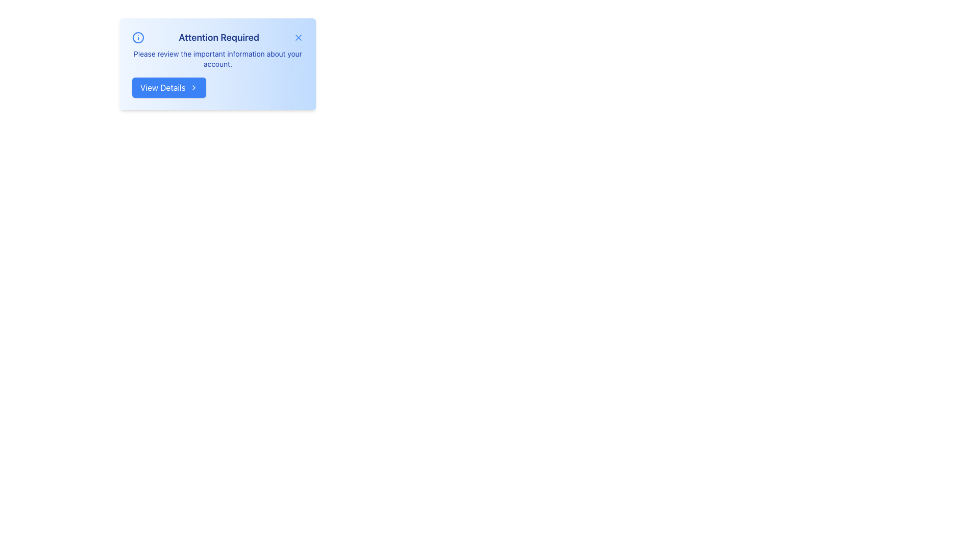 The width and height of the screenshot is (980, 551). What do you see at coordinates (298, 37) in the screenshot?
I see `the close icon in the top right corner of the notification panel` at bounding box center [298, 37].